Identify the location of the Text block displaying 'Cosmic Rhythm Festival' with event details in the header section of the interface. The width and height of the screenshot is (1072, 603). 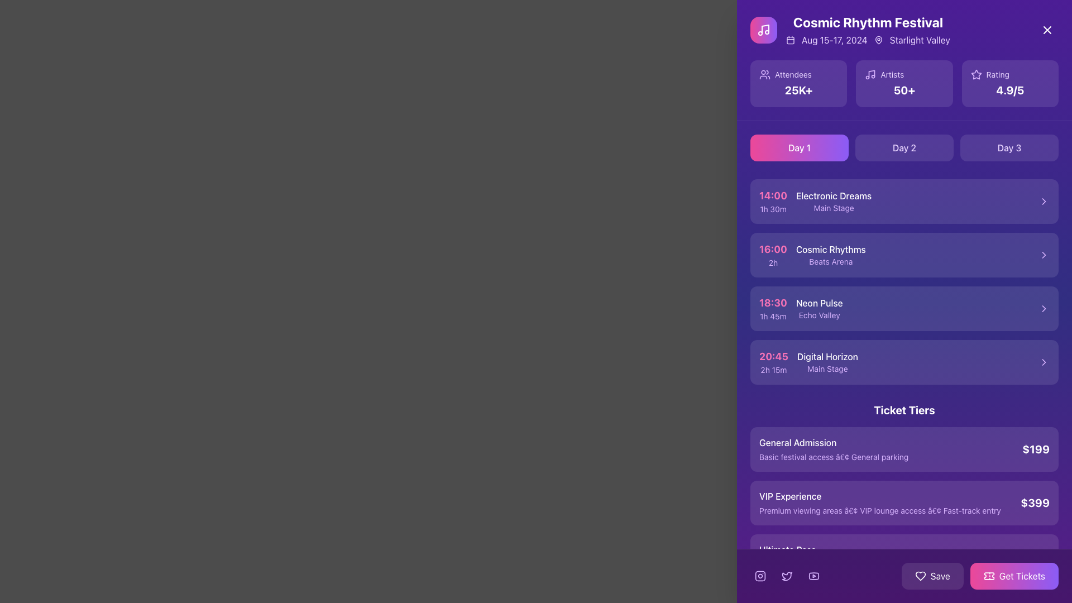
(867, 30).